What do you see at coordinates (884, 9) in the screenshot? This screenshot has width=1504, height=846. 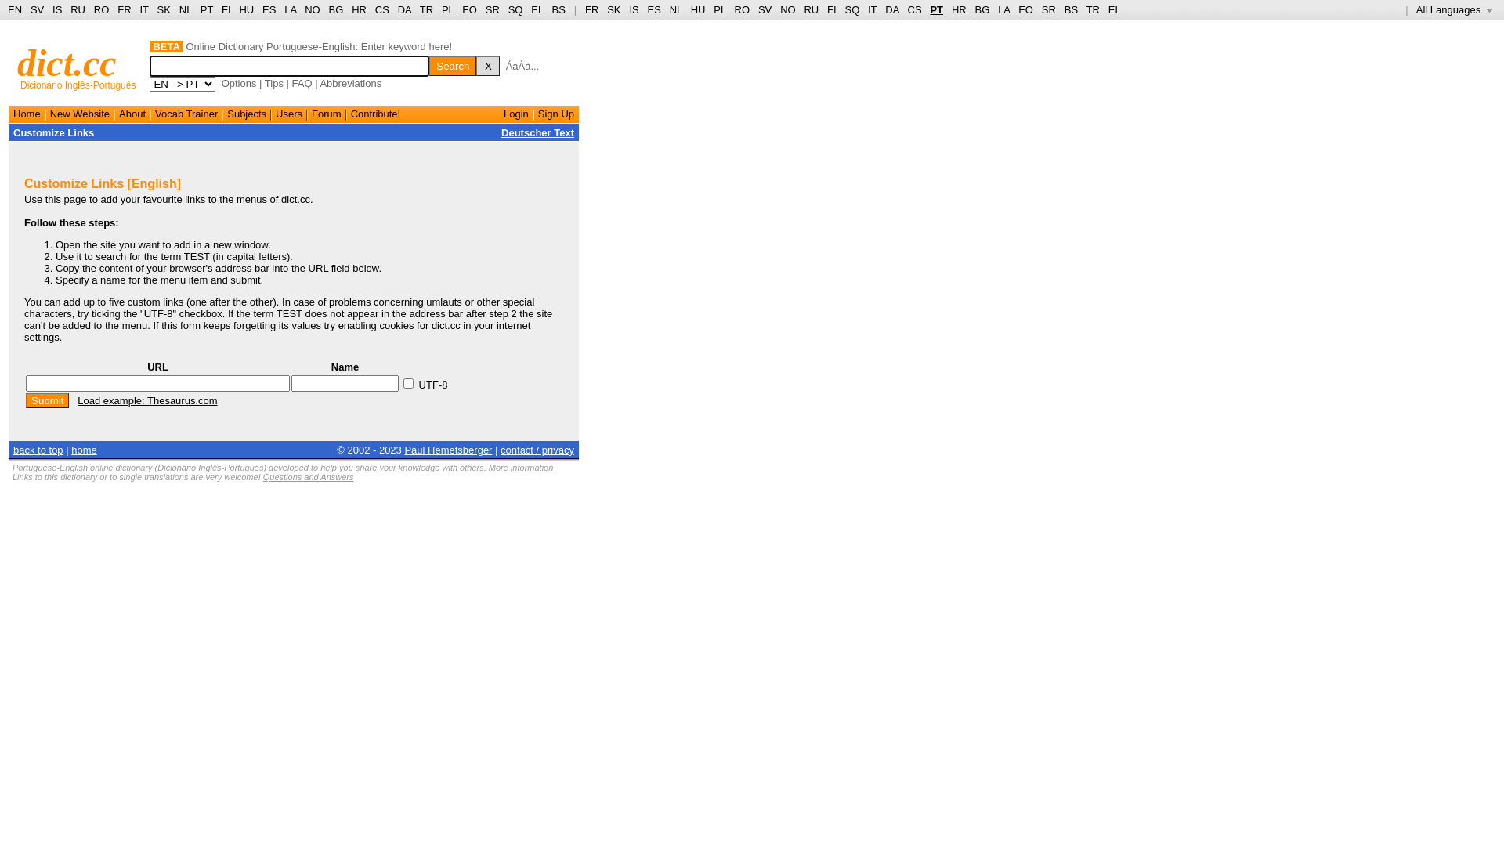 I see `'DA'` at bounding box center [884, 9].